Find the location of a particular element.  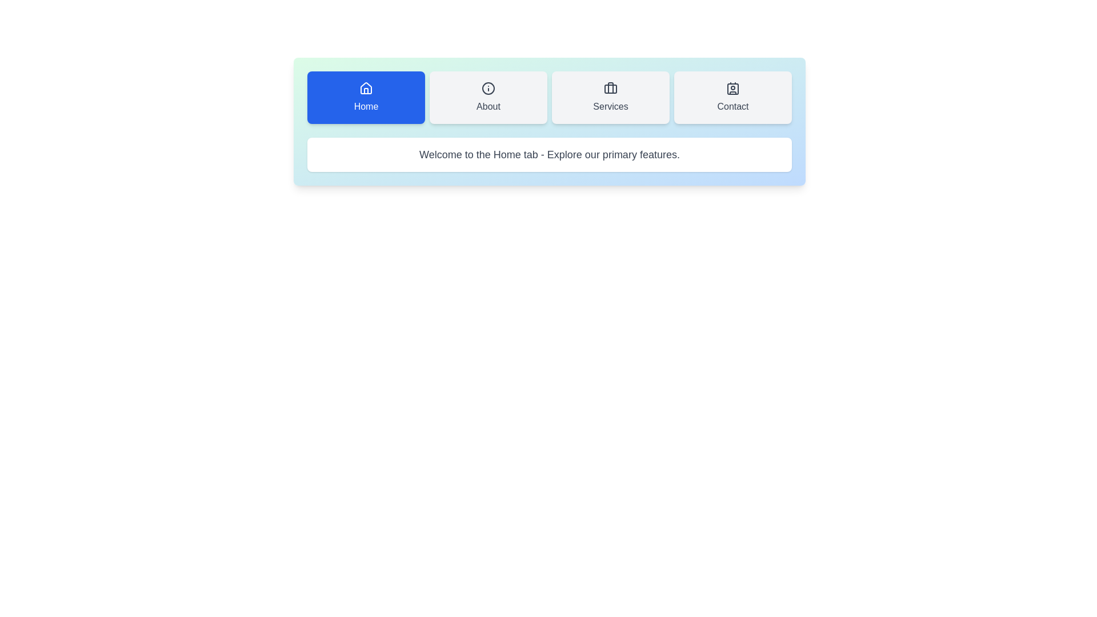

the contact icon, which is a vector graphic inside a square frame with rounded corners, located in the 'Contact' section of the horizontal menu, positioned as the fourth item from the left is located at coordinates (732, 87).